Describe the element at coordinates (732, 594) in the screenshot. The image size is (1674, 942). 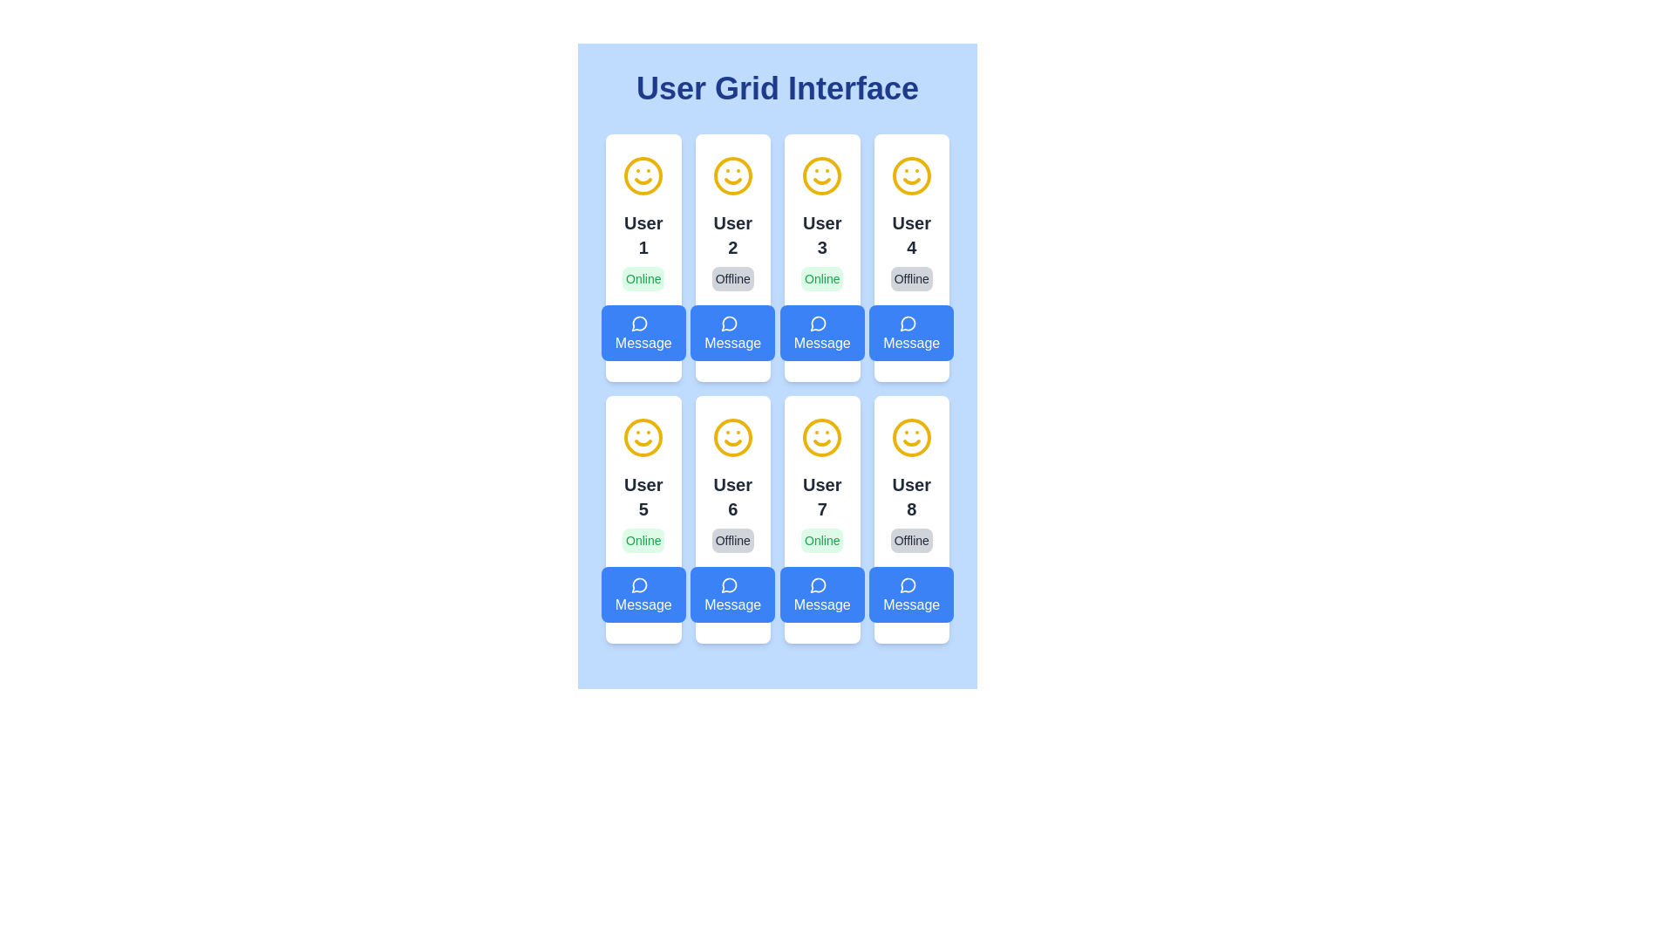
I see `the button to send a message associated with 'User 6,' which is positioned in the seventh column of the grid-based interface below the 'Offline' label` at that location.